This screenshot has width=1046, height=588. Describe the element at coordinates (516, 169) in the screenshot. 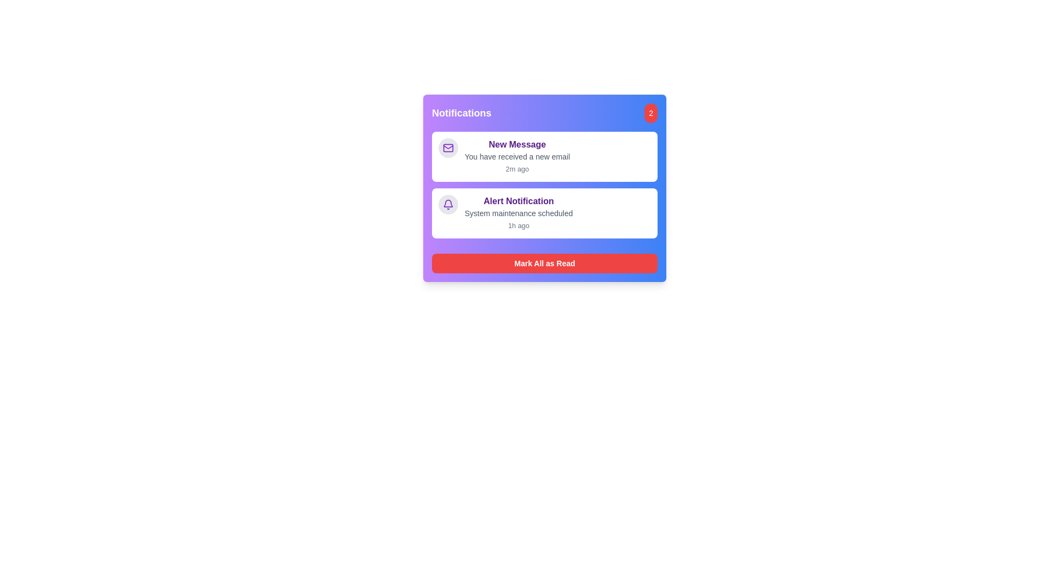

I see `the text label that displays the relative time when the notification was received, positioned at the bottom-right corner of the notification card` at that location.